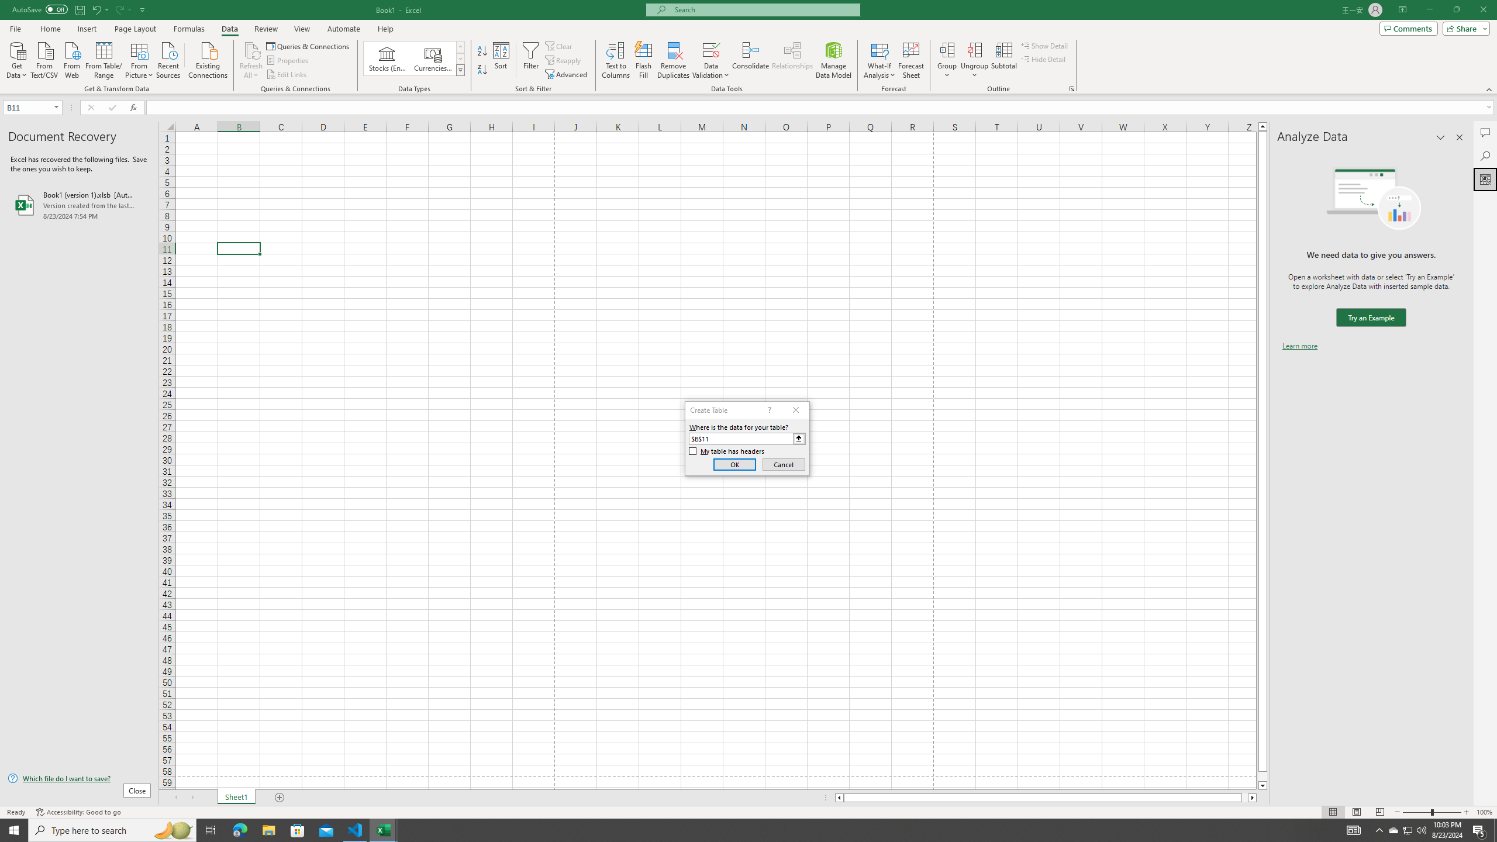 Image resolution: width=1497 pixels, height=842 pixels. What do you see at coordinates (288, 60) in the screenshot?
I see `'Properties'` at bounding box center [288, 60].